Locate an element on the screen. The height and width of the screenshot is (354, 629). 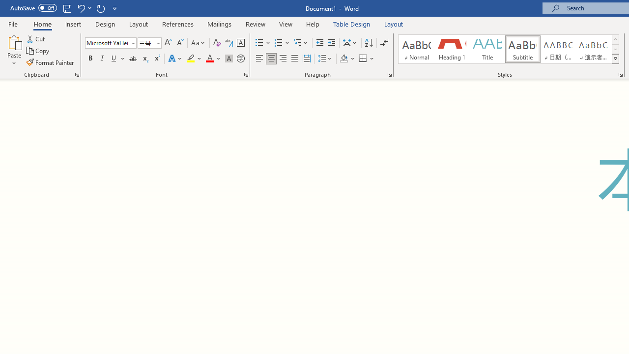
'Font Color Red' is located at coordinates (209, 59).